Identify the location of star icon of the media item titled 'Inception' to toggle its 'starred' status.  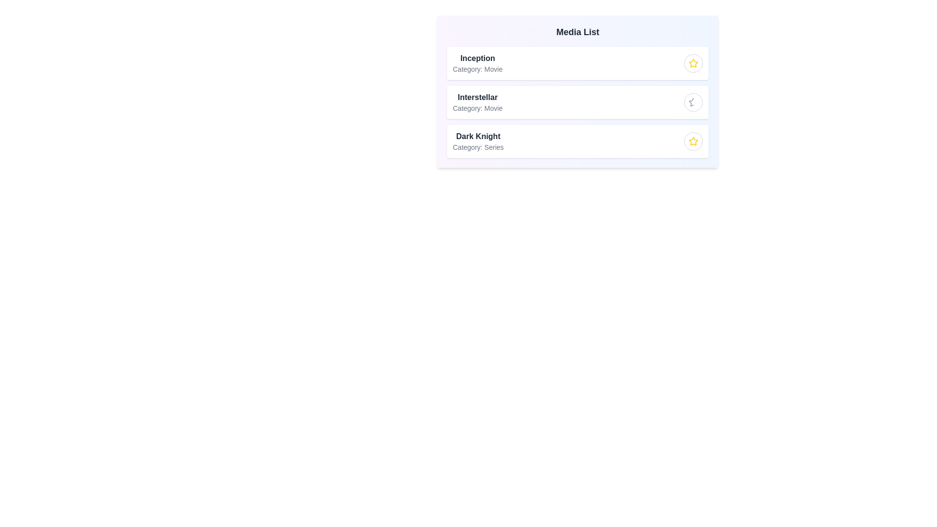
(693, 63).